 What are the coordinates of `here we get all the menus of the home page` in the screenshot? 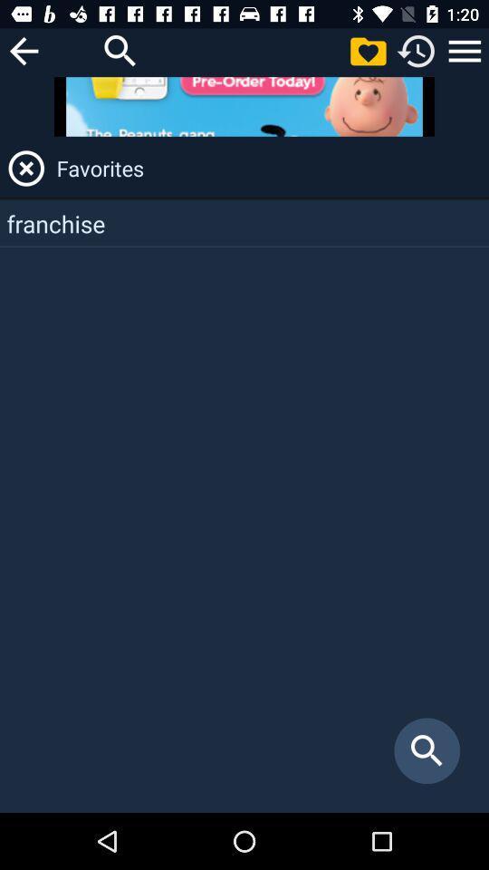 It's located at (465, 50).